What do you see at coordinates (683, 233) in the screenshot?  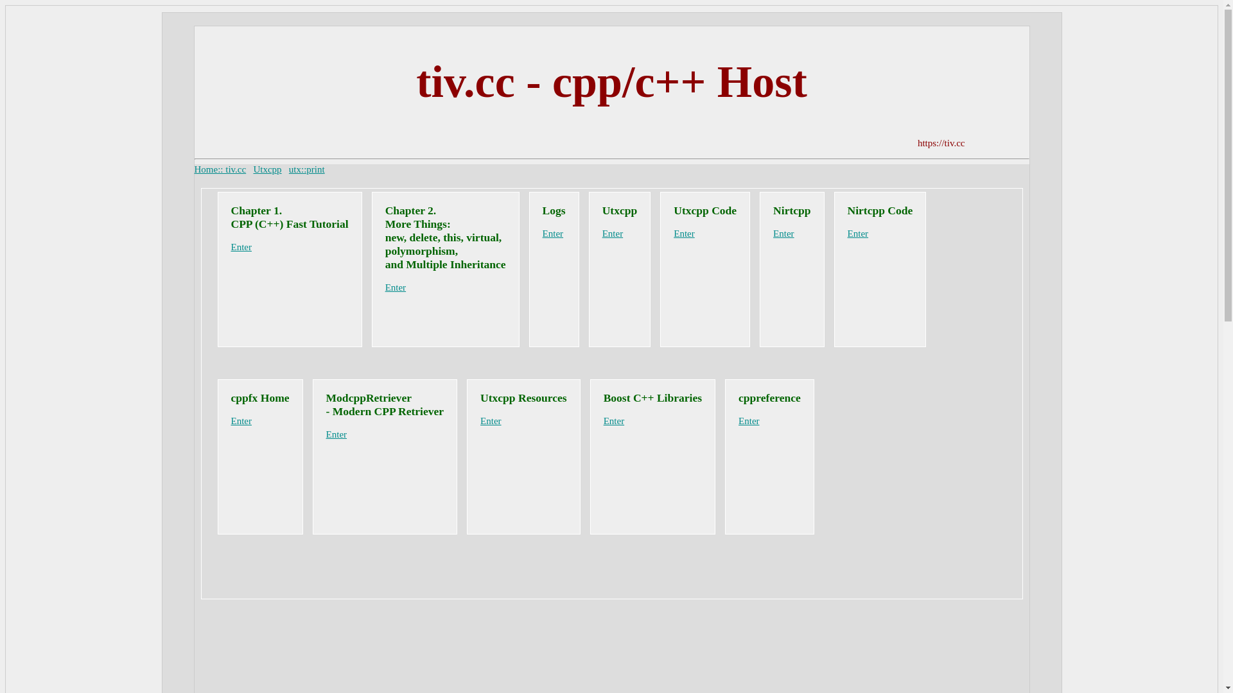 I see `'Enter'` at bounding box center [683, 233].